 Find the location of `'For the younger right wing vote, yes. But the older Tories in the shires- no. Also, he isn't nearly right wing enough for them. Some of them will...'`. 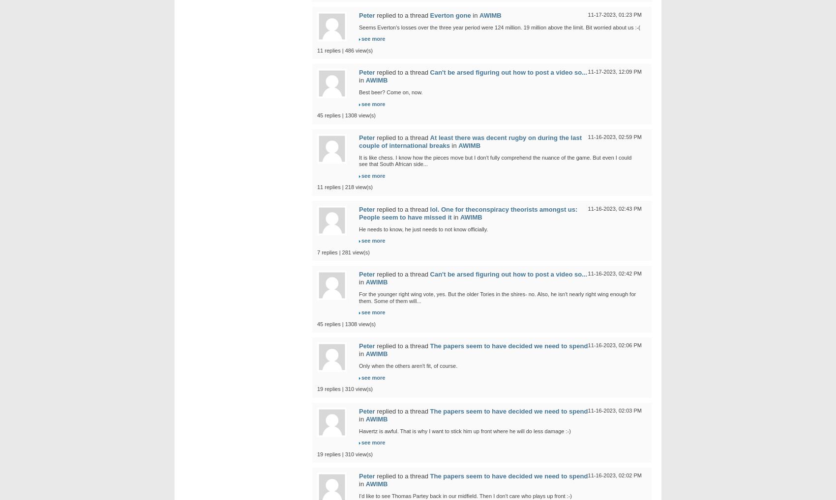

'For the younger right wing vote, yes. But the older Tories in the shires- no. Also, he isn't nearly right wing enough for them. Some of them will...' is located at coordinates (497, 297).